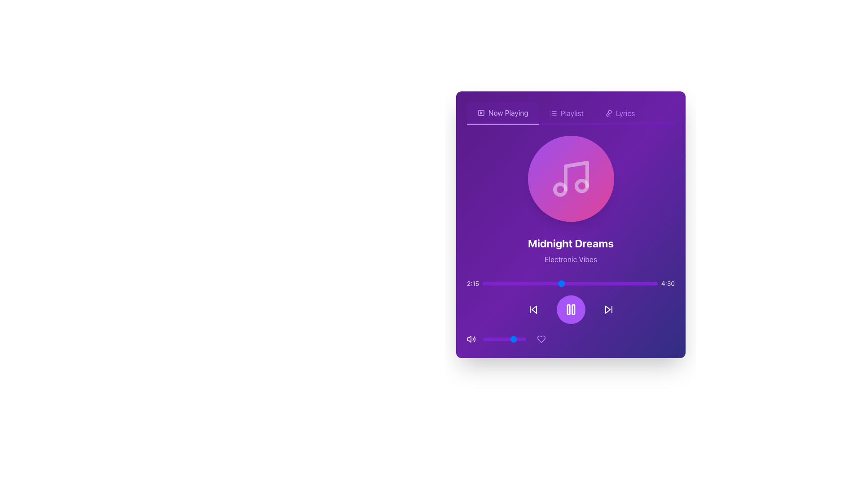  Describe the element at coordinates (570, 309) in the screenshot. I see `the circular purple button with a white pause icon located centrally in the bottom control section` at that location.